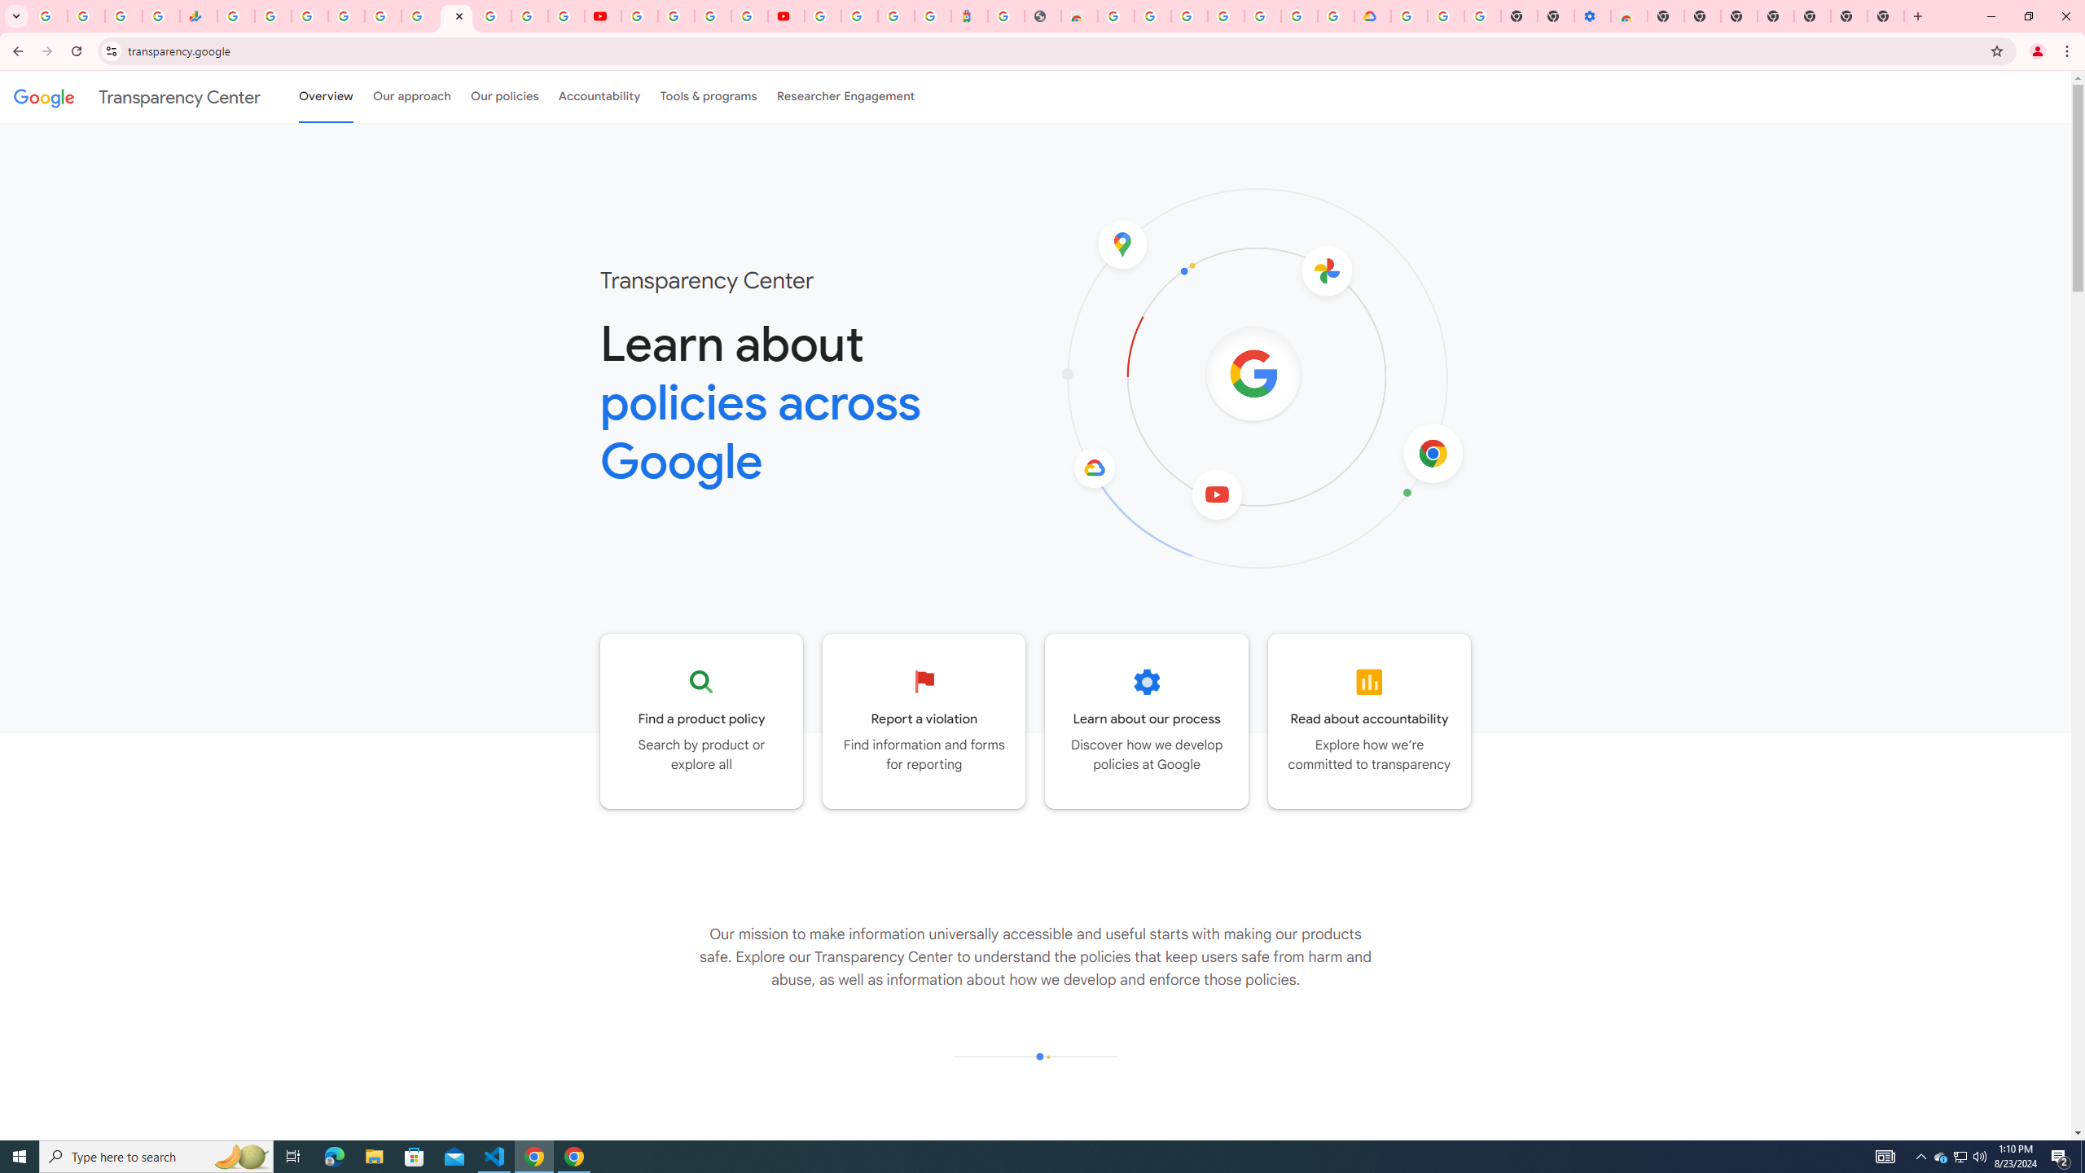  I want to click on 'Researcher Engagement', so click(846, 96).